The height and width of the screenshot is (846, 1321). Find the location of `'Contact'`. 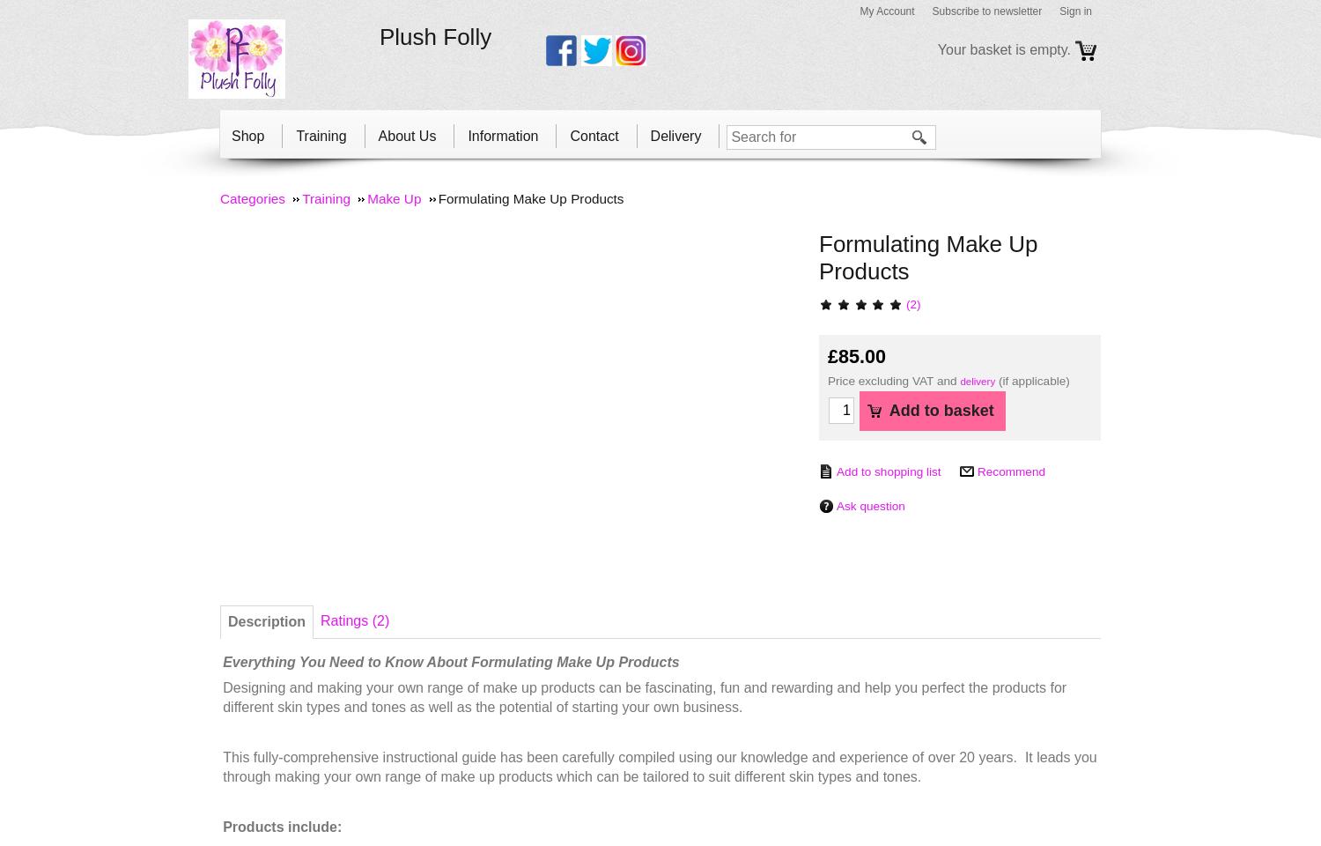

'Contact' is located at coordinates (594, 134).